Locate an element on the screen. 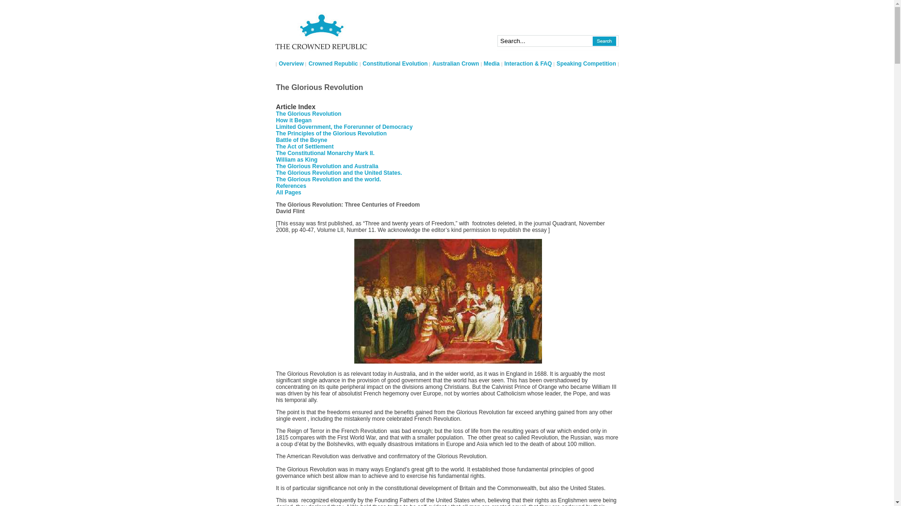 Image resolution: width=901 pixels, height=506 pixels. 'Speaking Competition' is located at coordinates (586, 63).